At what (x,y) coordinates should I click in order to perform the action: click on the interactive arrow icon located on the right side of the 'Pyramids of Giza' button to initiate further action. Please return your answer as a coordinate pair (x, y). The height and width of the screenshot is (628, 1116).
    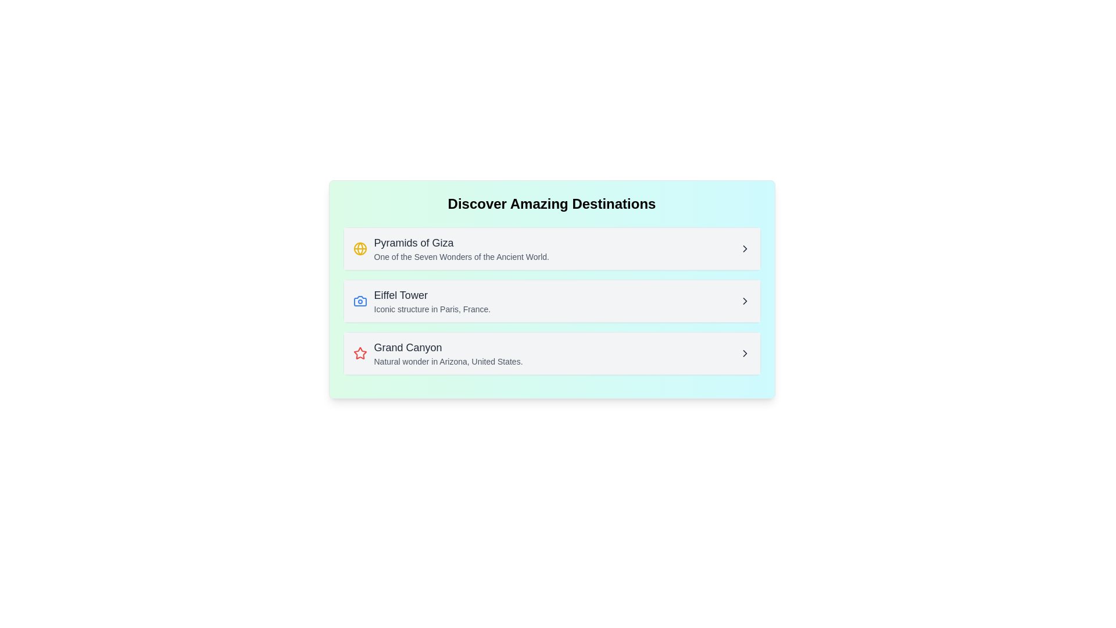
    Looking at the image, I should click on (745, 248).